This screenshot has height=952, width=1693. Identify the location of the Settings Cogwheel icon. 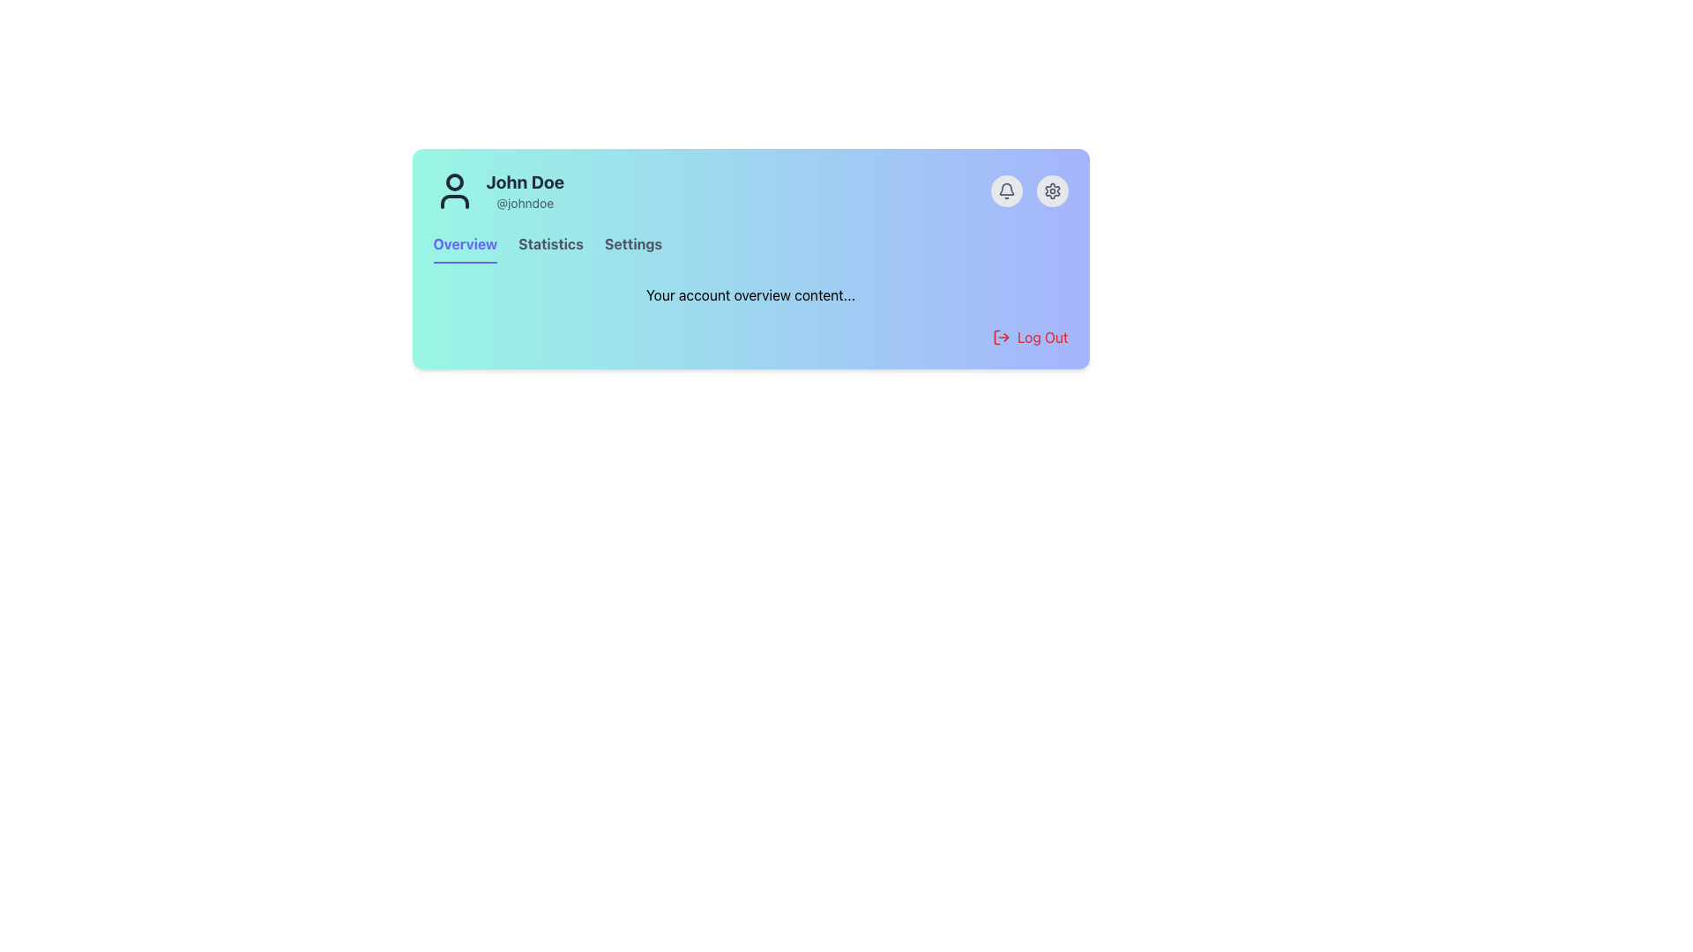
(1052, 190).